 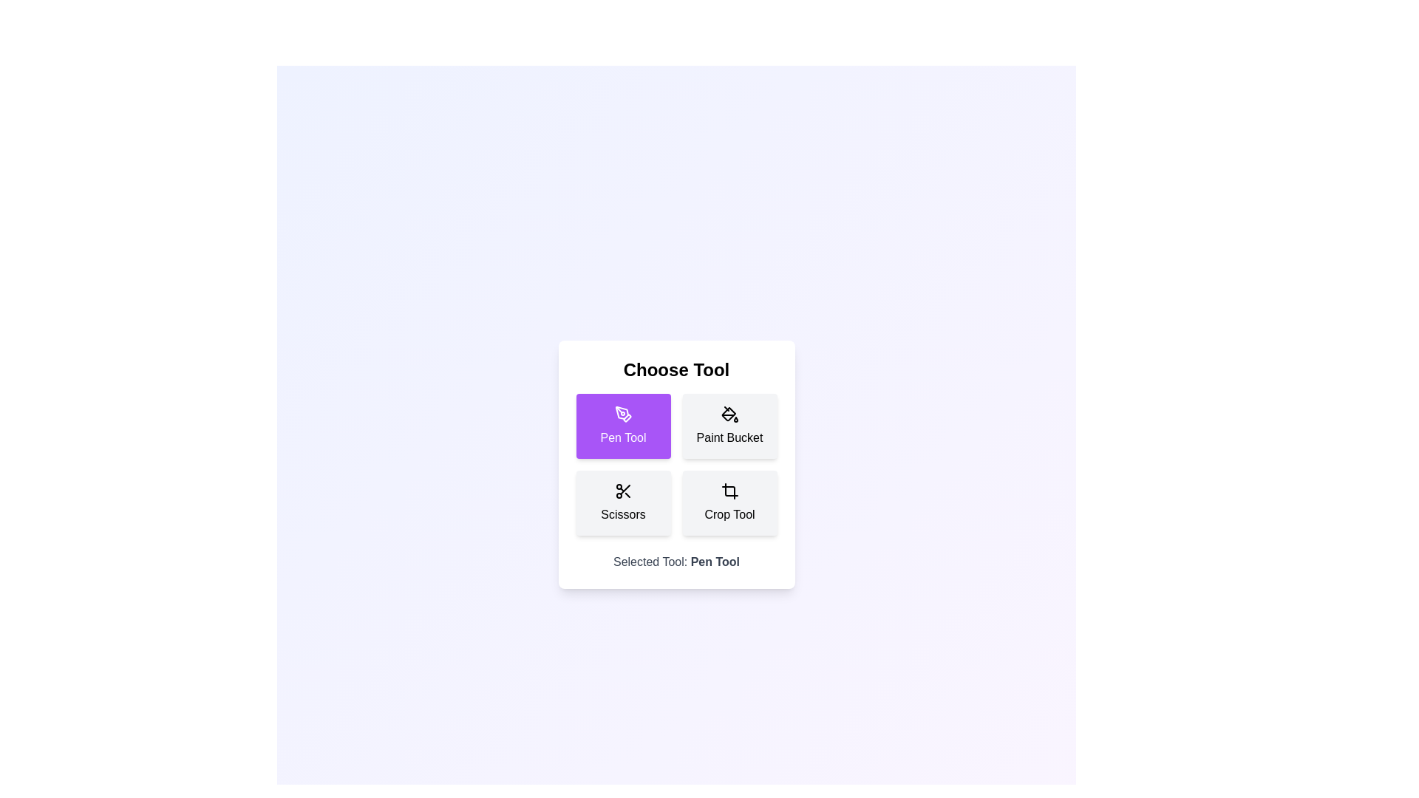 What do you see at coordinates (623, 502) in the screenshot?
I see `the tool Scissors by clicking on its corresponding button` at bounding box center [623, 502].